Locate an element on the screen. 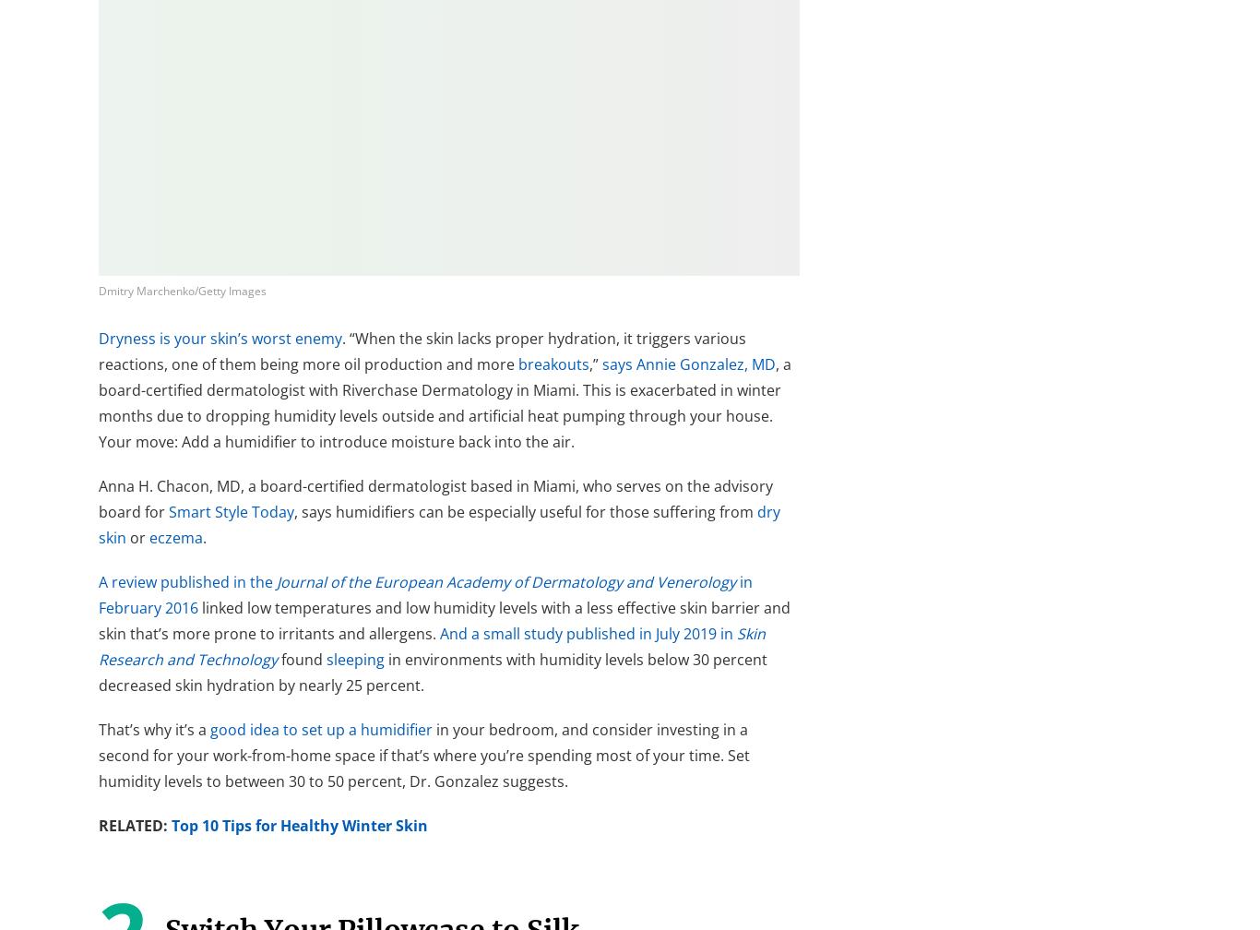  'Dryness is your skin’s worst enemy' is located at coordinates (220, 339).